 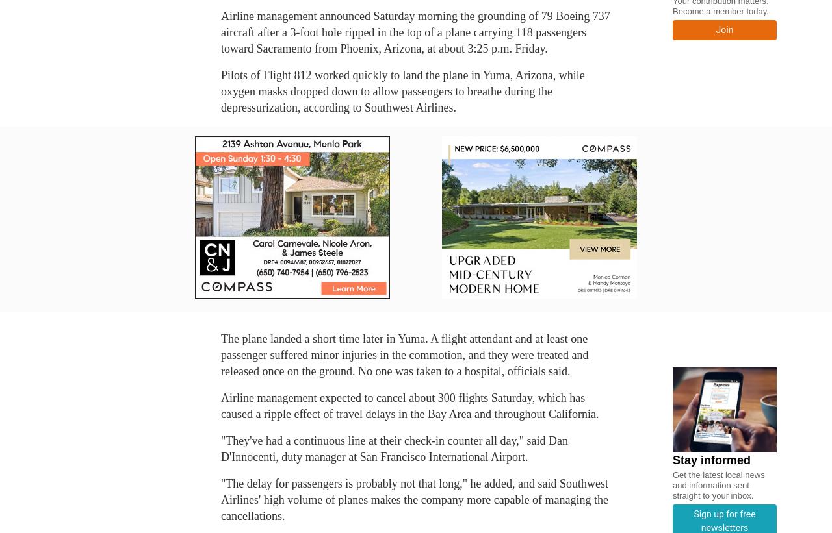 What do you see at coordinates (402, 91) in the screenshot?
I see `'Pilots of Flight 812 worked quickly to land the plane in Yuma, Arizona, while oxygen masks dropped down to allow passengers to breathe during the depressurization, according to Southwest Airlines.'` at bounding box center [402, 91].